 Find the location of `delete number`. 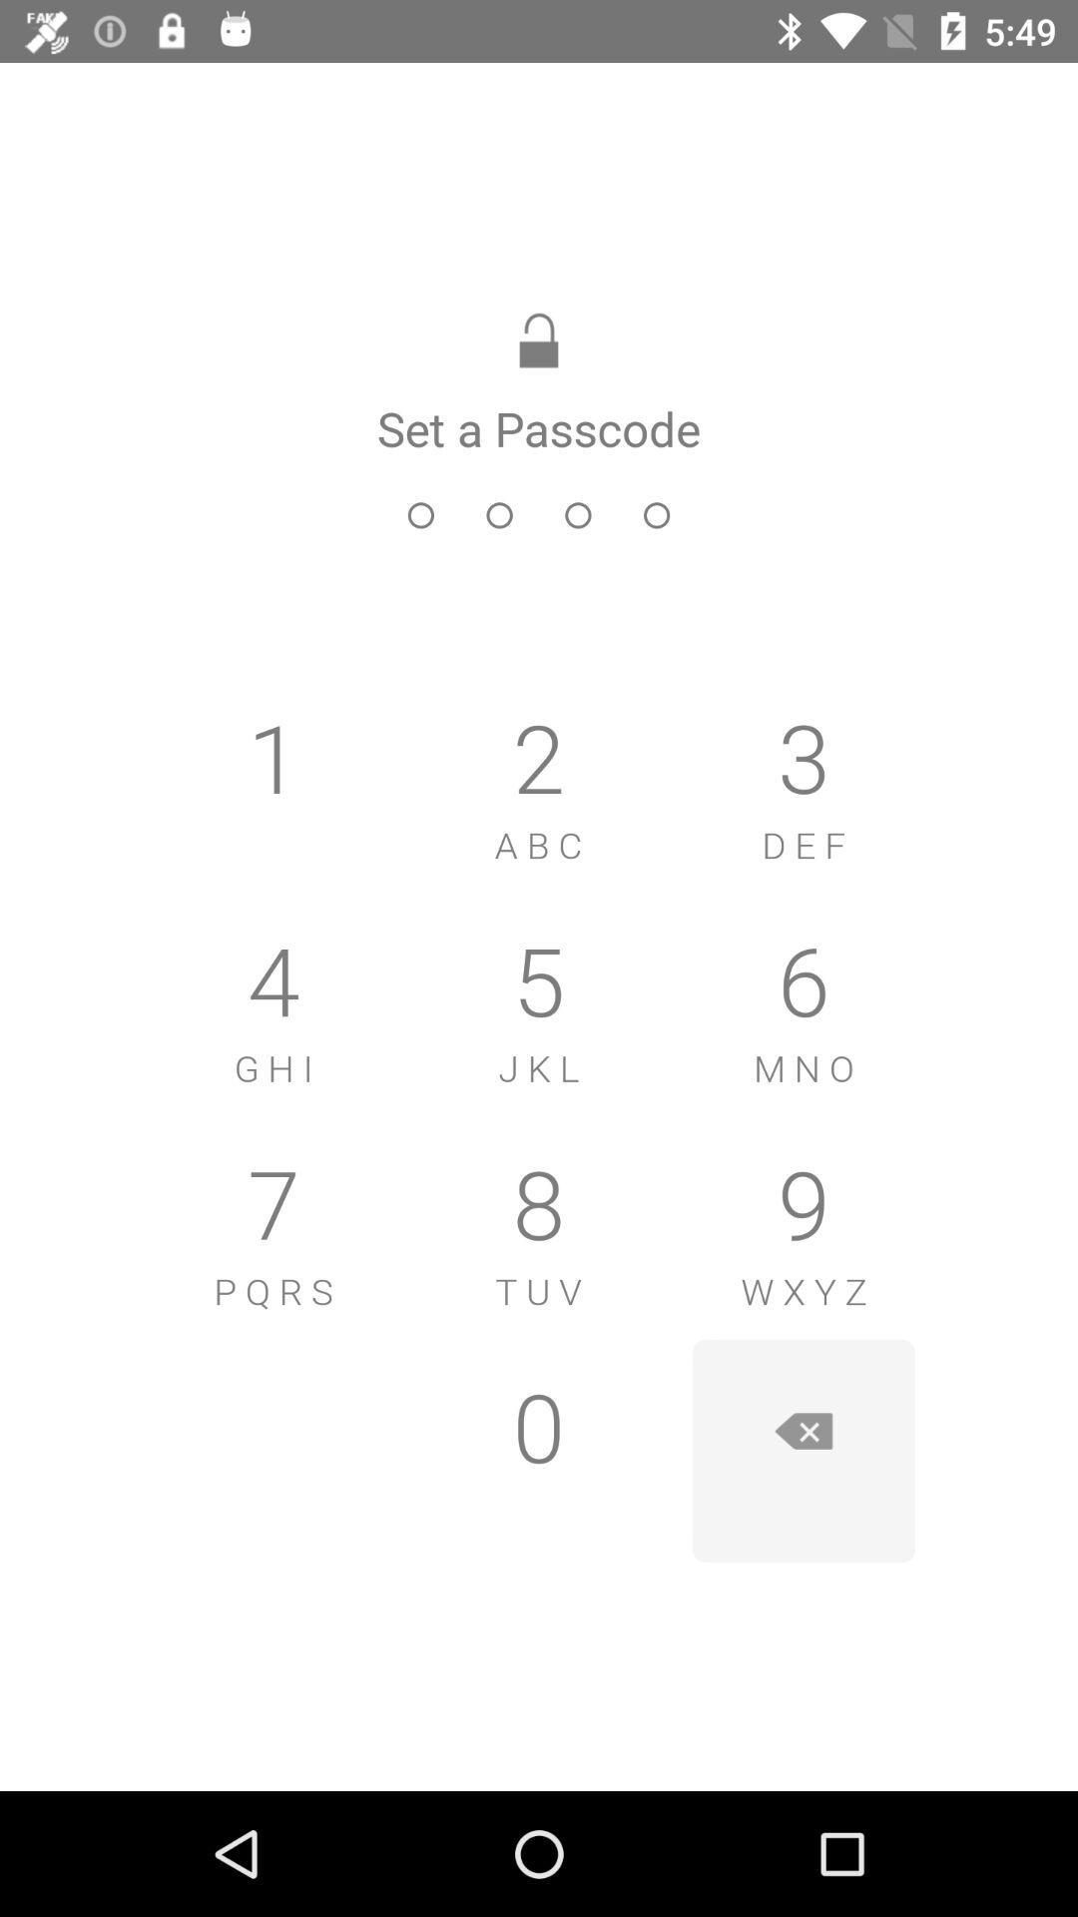

delete number is located at coordinates (803, 1451).